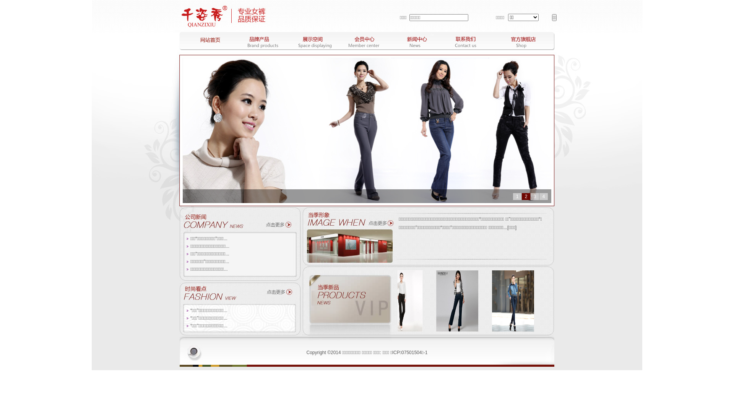 The width and height of the screenshot is (734, 413). I want to click on '2', so click(526, 196).